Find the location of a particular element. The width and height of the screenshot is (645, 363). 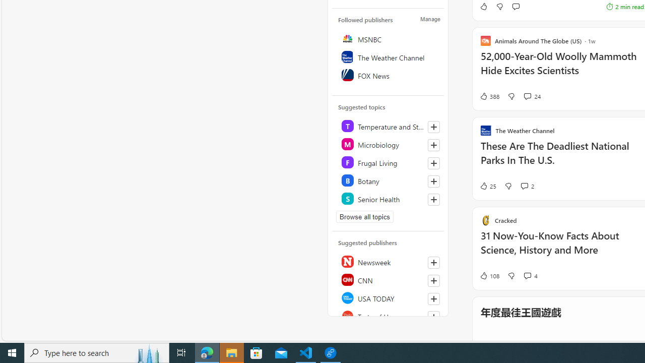

'These Are The Deadliest National Parks In The U.S.' is located at coordinates (561, 158).